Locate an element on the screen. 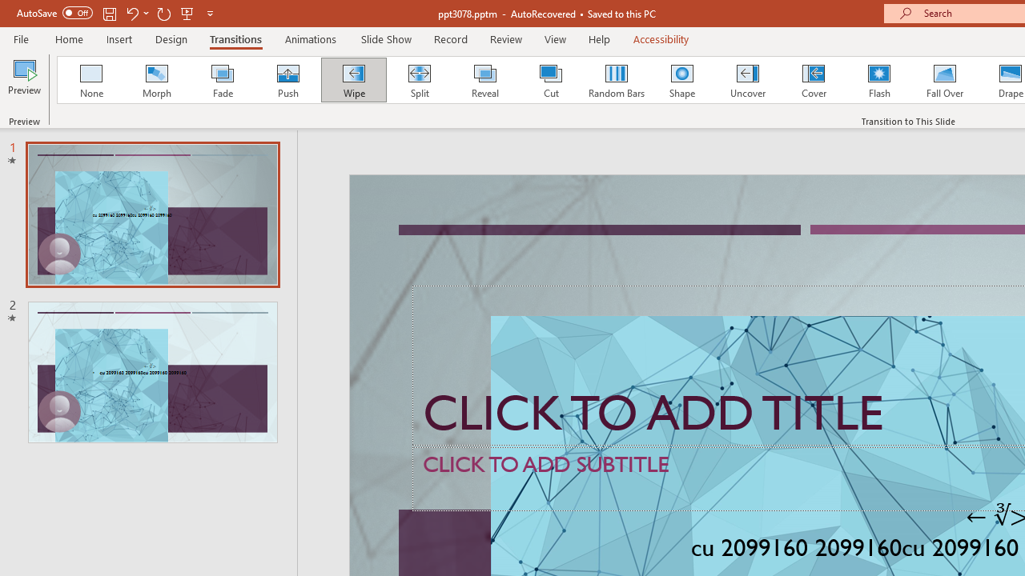 The image size is (1025, 576). 'Random Bars' is located at coordinates (616, 80).